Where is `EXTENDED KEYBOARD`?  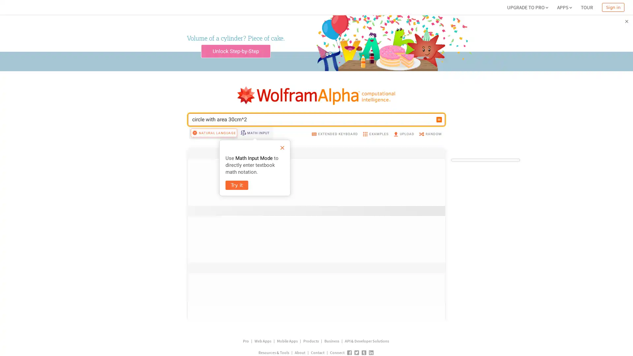
EXTENDED KEYBOARD is located at coordinates (334, 133).